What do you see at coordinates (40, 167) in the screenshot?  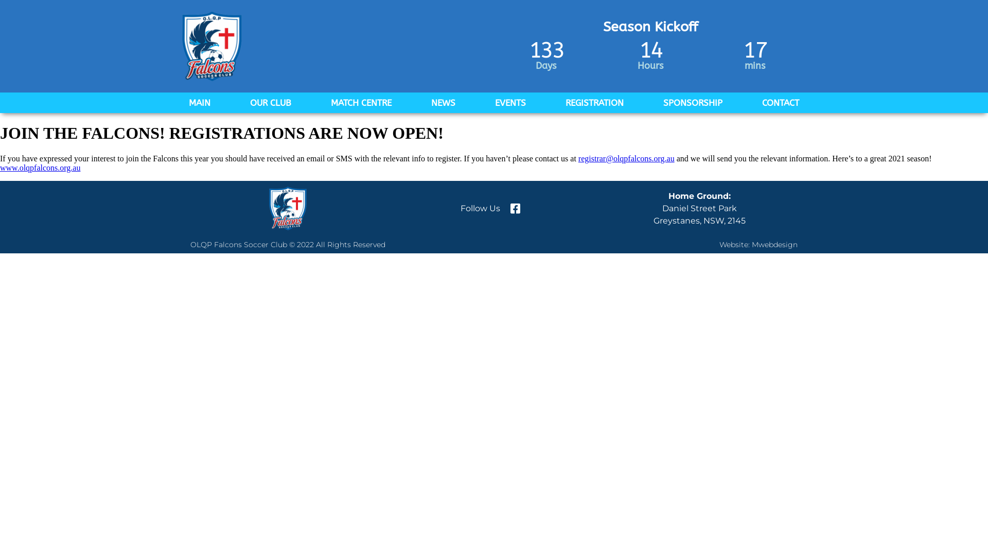 I see `'www.olqpfalcons.org.au'` at bounding box center [40, 167].